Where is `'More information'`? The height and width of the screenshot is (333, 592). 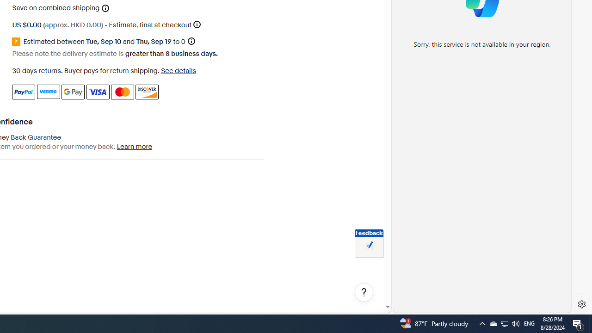 'More information' is located at coordinates (197, 24).